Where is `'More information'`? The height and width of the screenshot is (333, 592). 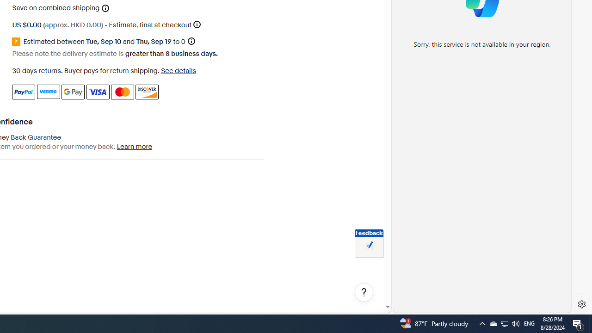 'More information' is located at coordinates (197, 24).